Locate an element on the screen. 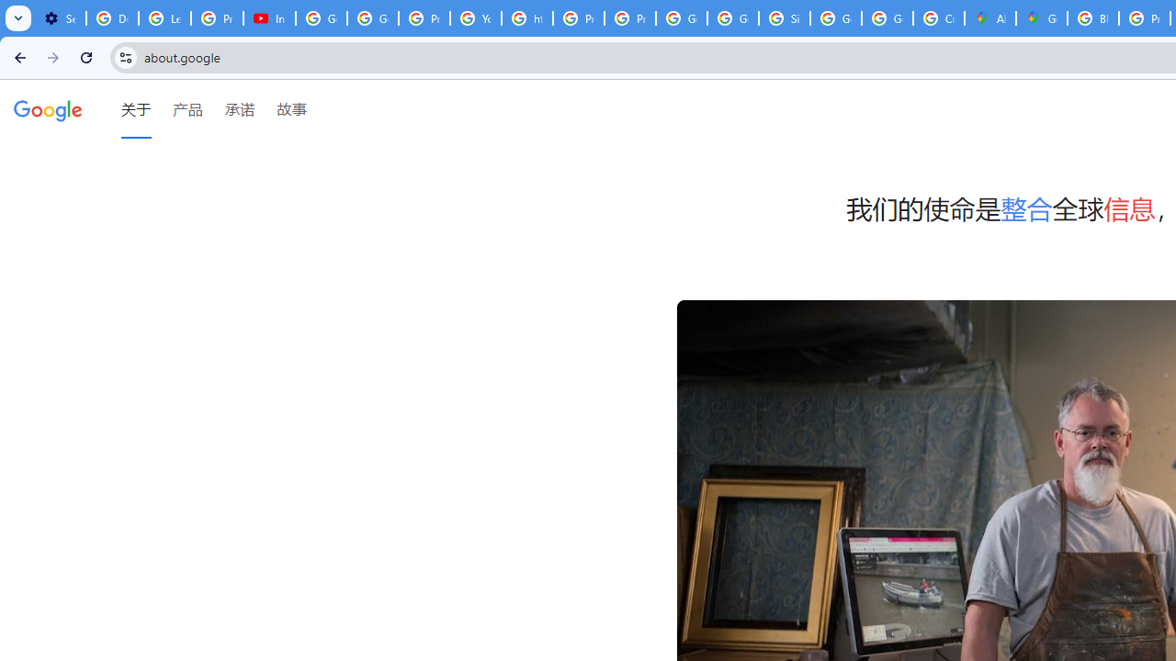  'Introduction | Google Privacy Policy - YouTube' is located at coordinates (268, 18).